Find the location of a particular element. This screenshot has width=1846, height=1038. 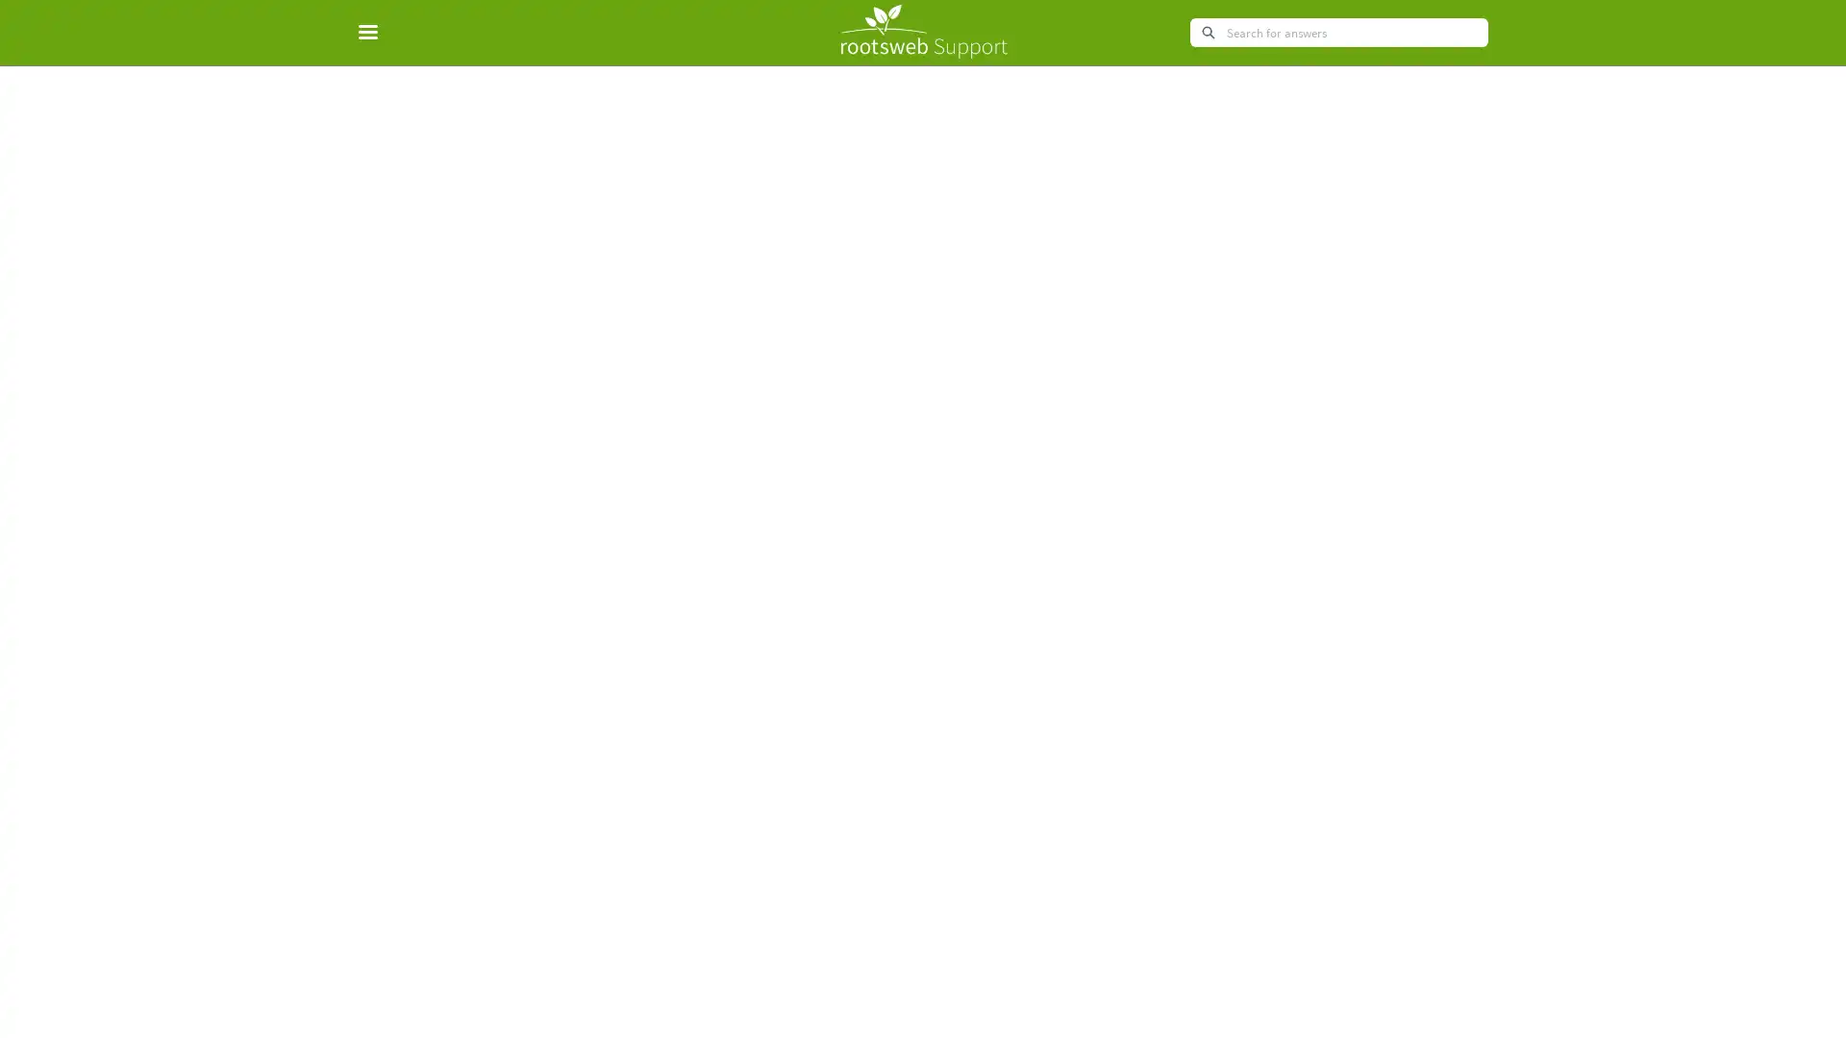

Search is located at coordinates (1207, 33).